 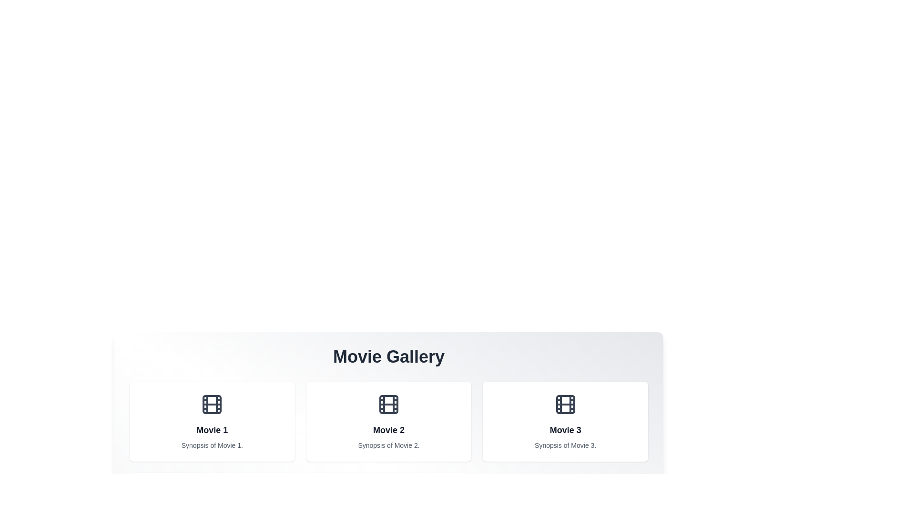 I want to click on the second movie card in the gallery, which displays details about a movie and is located in the center column of the first row, positioned between 'Movie 1' and 'Movie 3', so click(x=389, y=421).